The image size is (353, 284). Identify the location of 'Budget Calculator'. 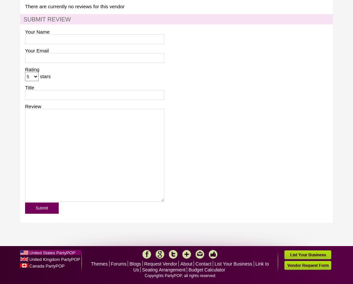
(188, 269).